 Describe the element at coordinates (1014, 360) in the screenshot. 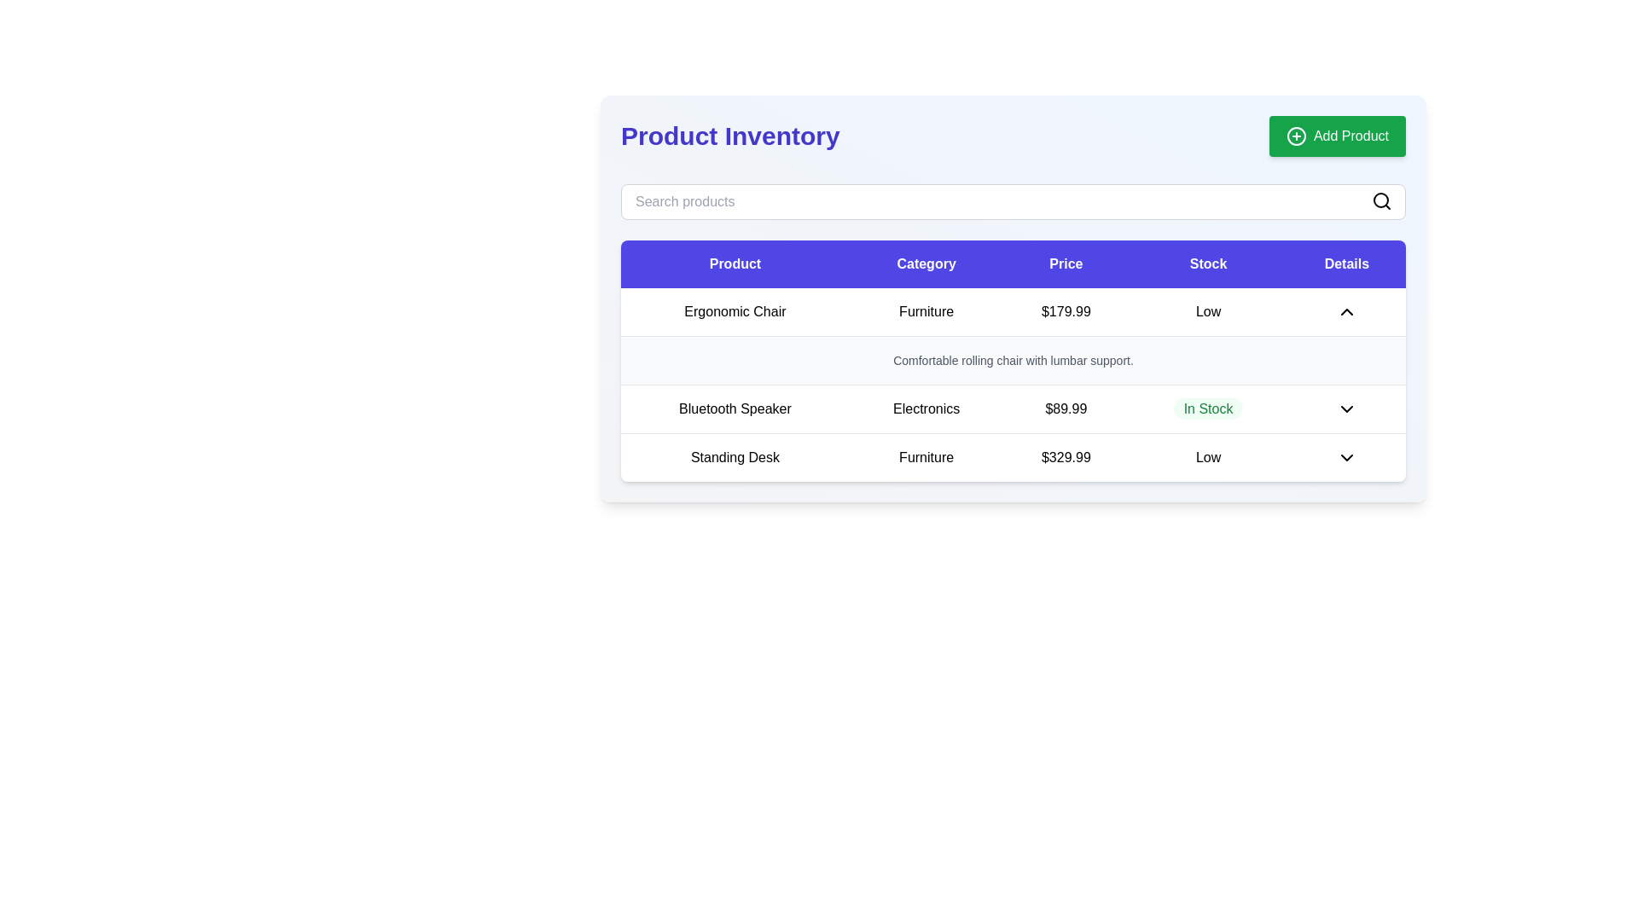

I see `the text label that reads 'Comfortable rolling chair with lumbar support.' located beneath the product name 'Ergonomic Chair.'` at that location.